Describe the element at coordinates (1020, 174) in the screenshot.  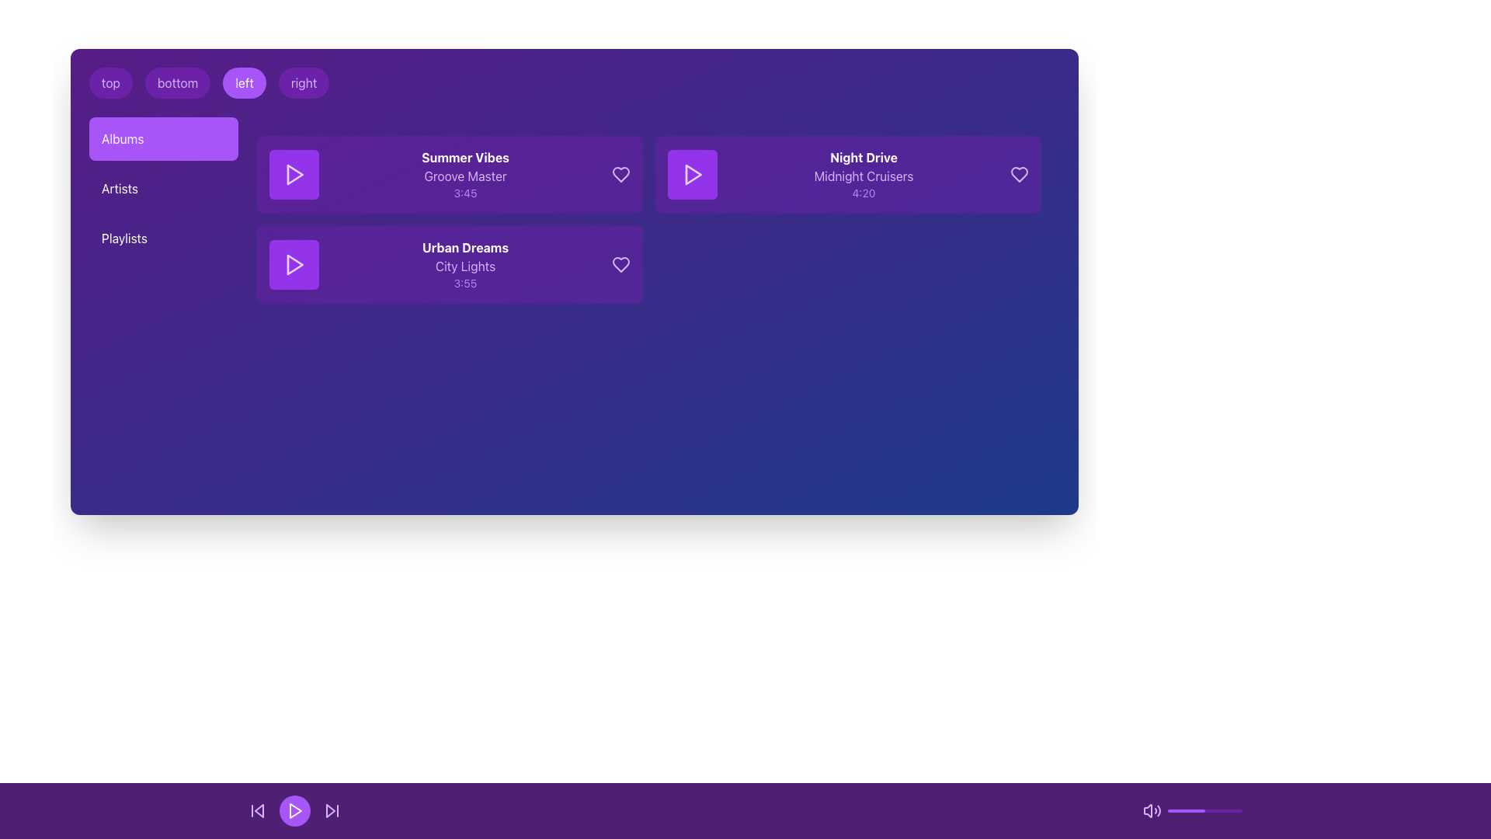
I see `the heart icon located to the far right of the song entry for 'Night Drive' by 'Midnight Cruisers'` at that location.